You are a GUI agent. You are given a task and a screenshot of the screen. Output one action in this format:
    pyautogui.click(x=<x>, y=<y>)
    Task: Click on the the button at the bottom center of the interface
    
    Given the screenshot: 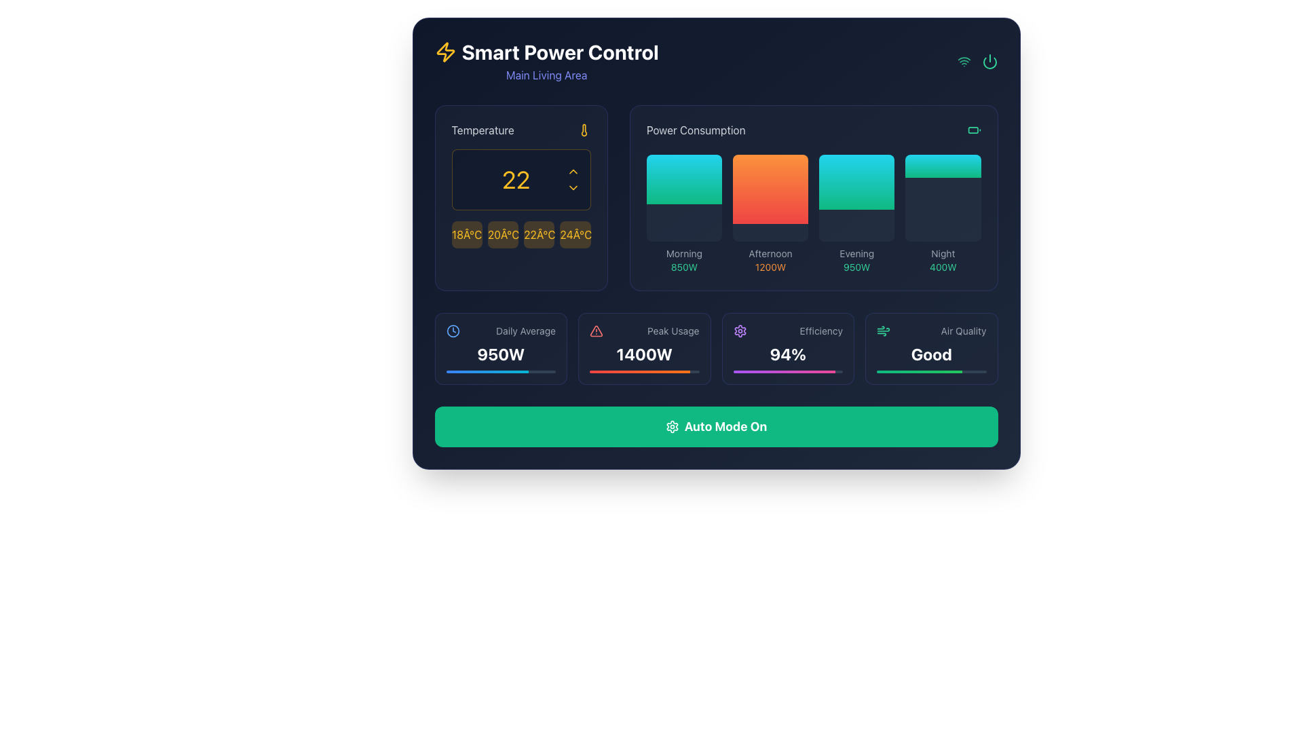 What is the action you would take?
    pyautogui.click(x=715, y=426)
    